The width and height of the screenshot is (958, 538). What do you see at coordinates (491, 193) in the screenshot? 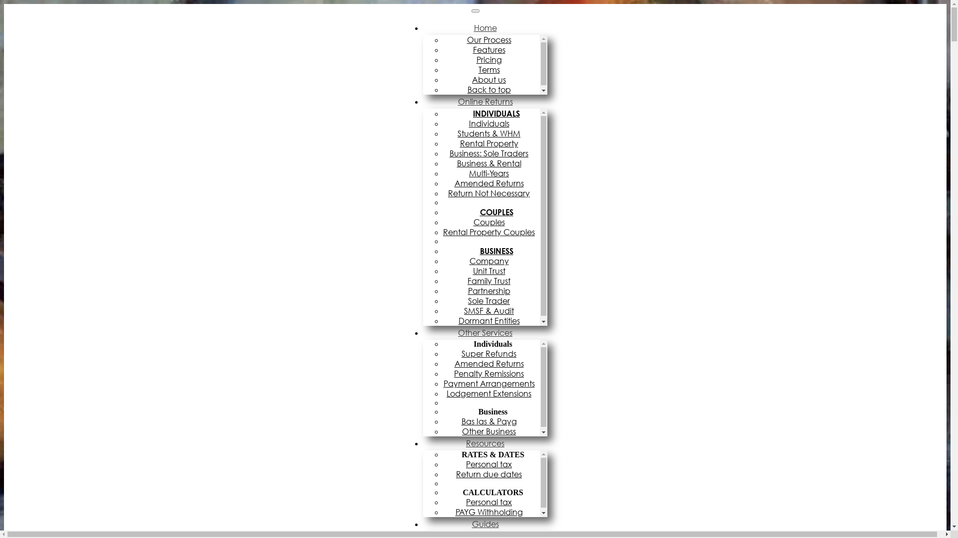
I see `'Return Not Necessary'` at bounding box center [491, 193].